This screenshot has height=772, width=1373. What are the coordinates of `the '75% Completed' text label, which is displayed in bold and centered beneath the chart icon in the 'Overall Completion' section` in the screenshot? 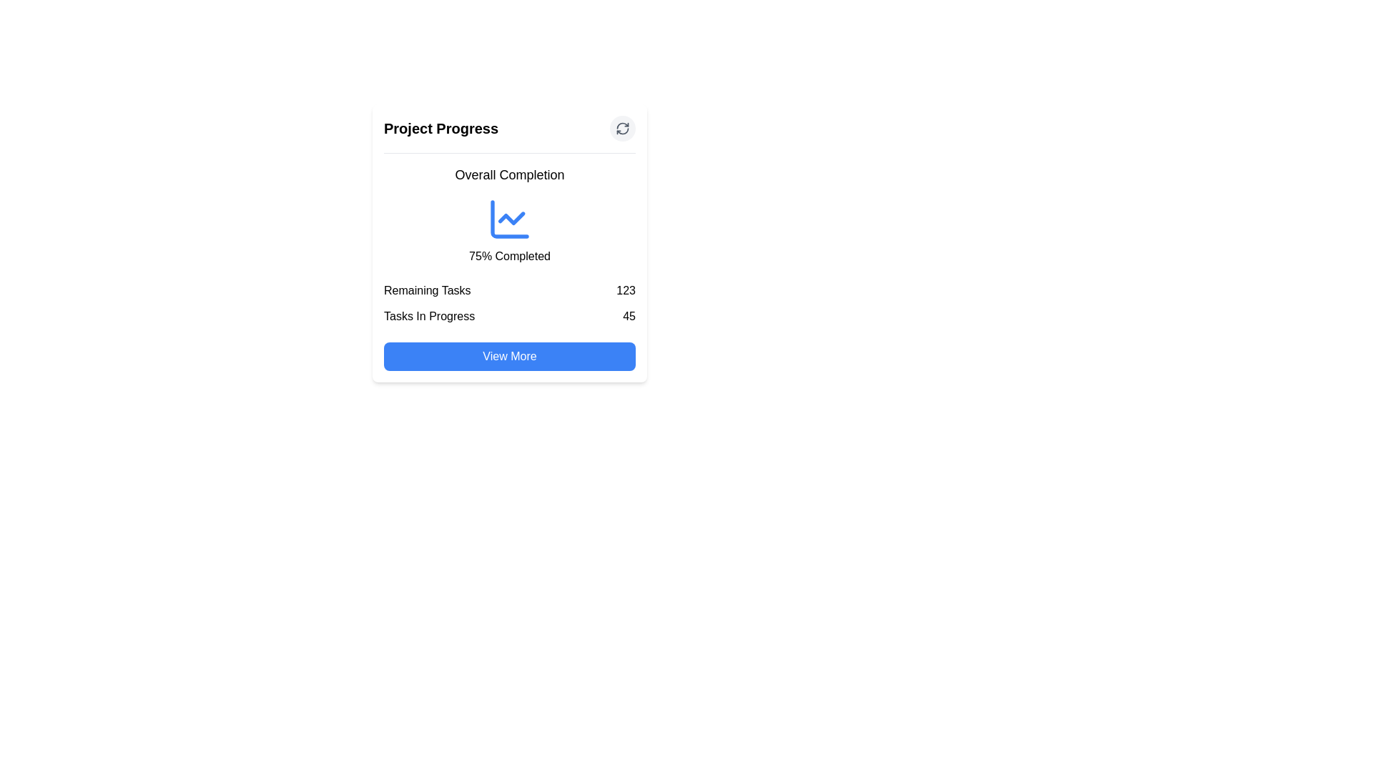 It's located at (510, 255).